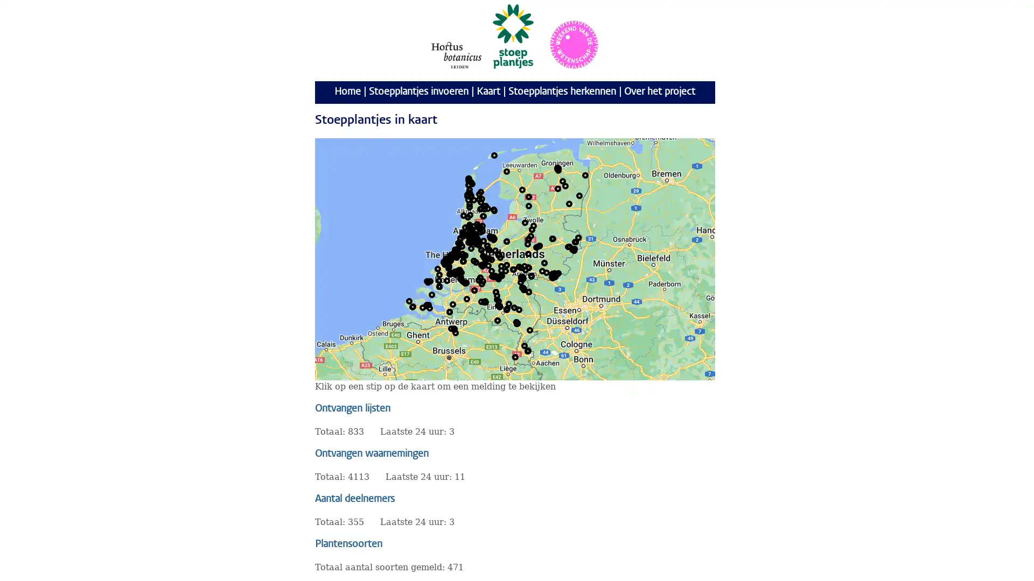  What do you see at coordinates (483, 257) in the screenshot?
I see `Telling van op 12 april 2022` at bounding box center [483, 257].